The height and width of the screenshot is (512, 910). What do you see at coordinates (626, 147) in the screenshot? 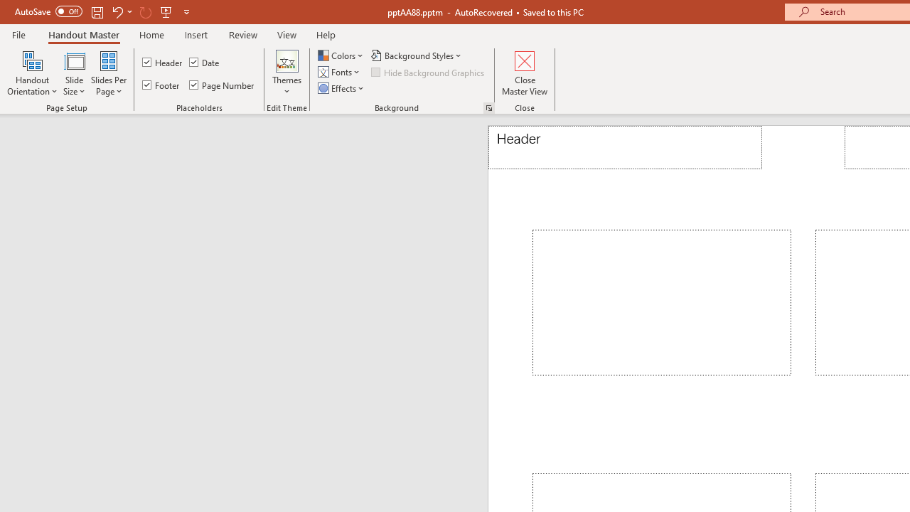
I see `'Header'` at bounding box center [626, 147].